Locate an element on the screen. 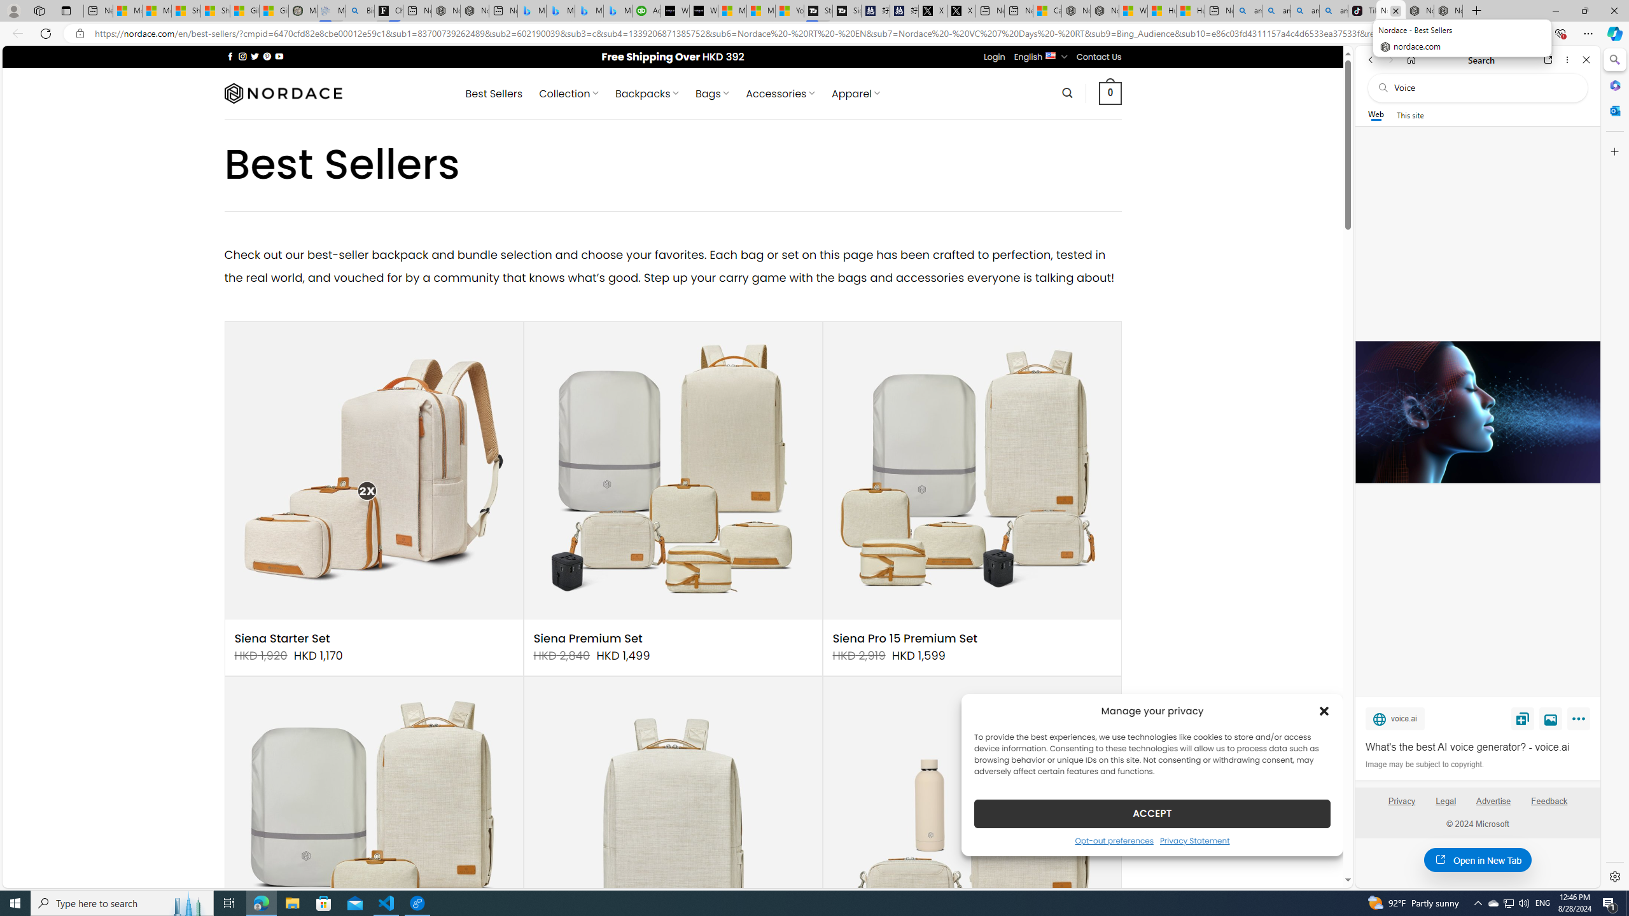  'Side bar' is located at coordinates (1614, 468).